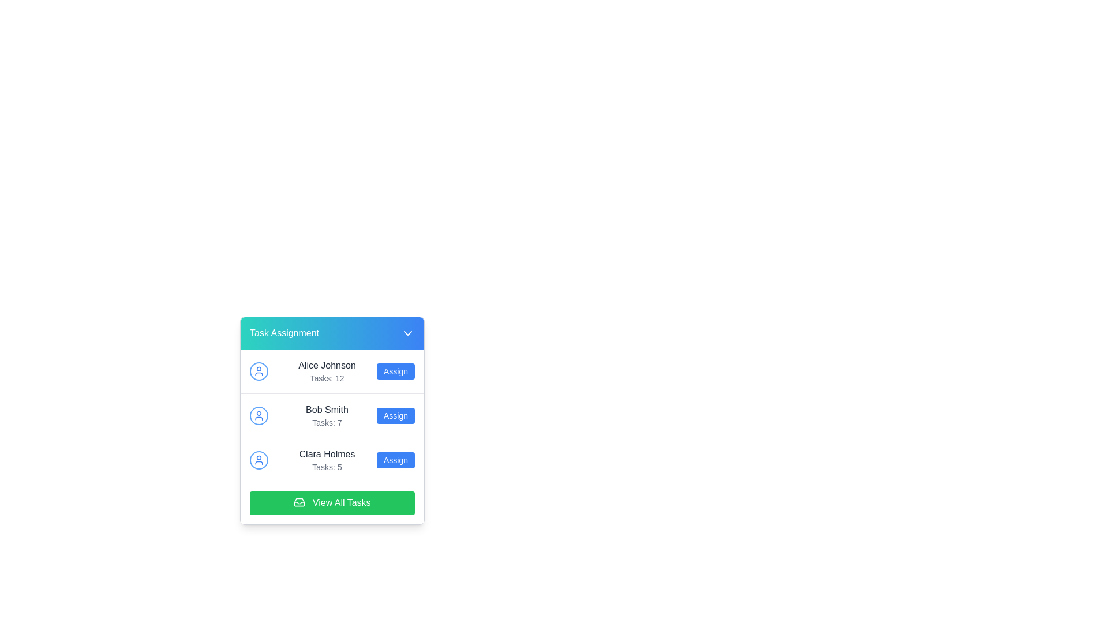 The image size is (1108, 623). I want to click on downward-pointing caret icon located in the header section of 'Task Assignment' for debugging purposes, so click(407, 333).